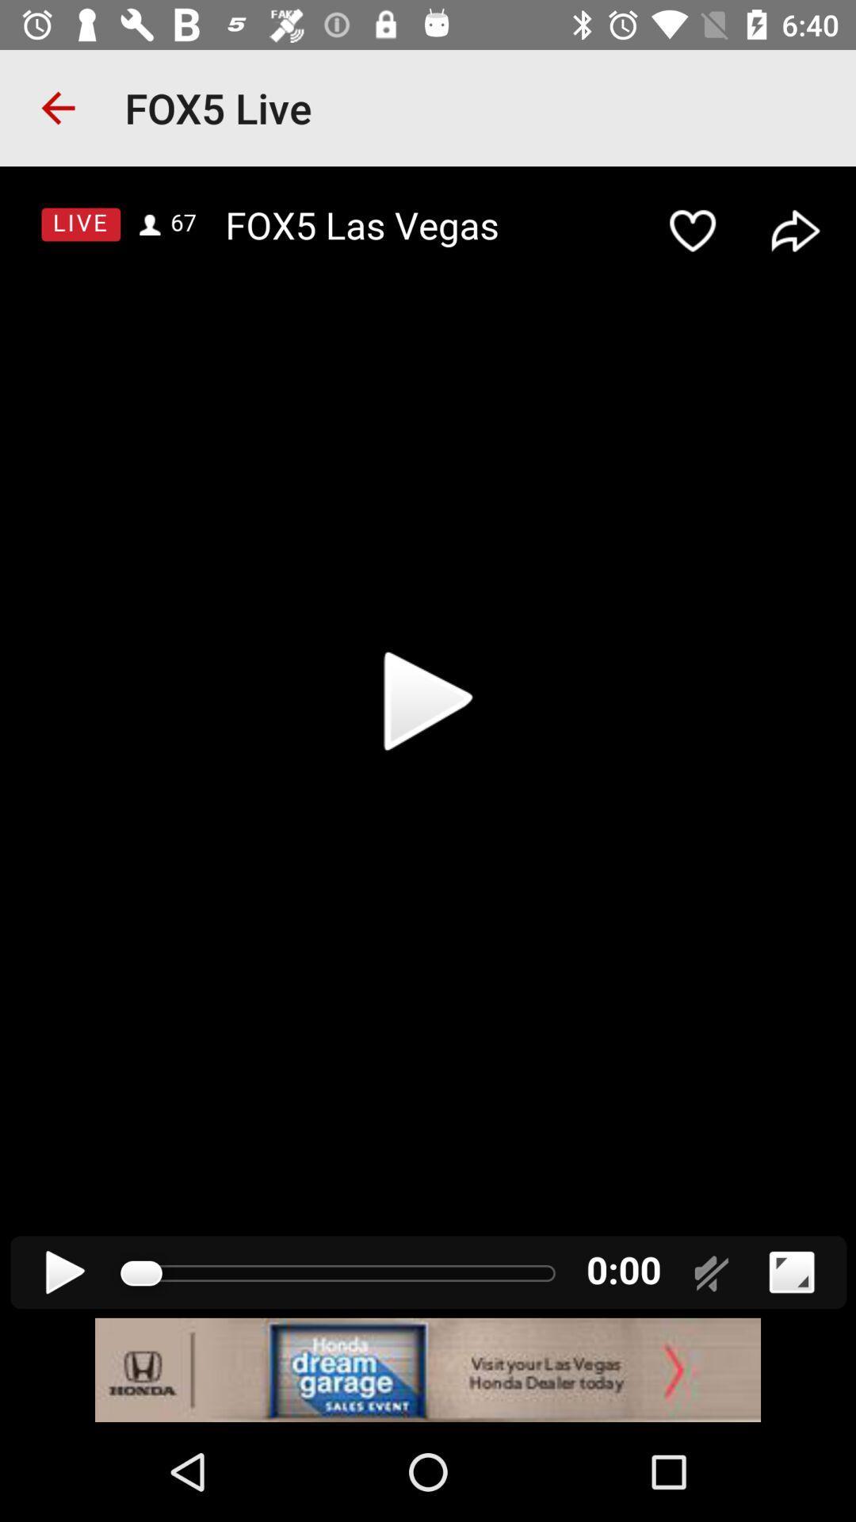 The height and width of the screenshot is (1522, 856). What do you see at coordinates (428, 741) in the screenshot?
I see `the video` at bounding box center [428, 741].